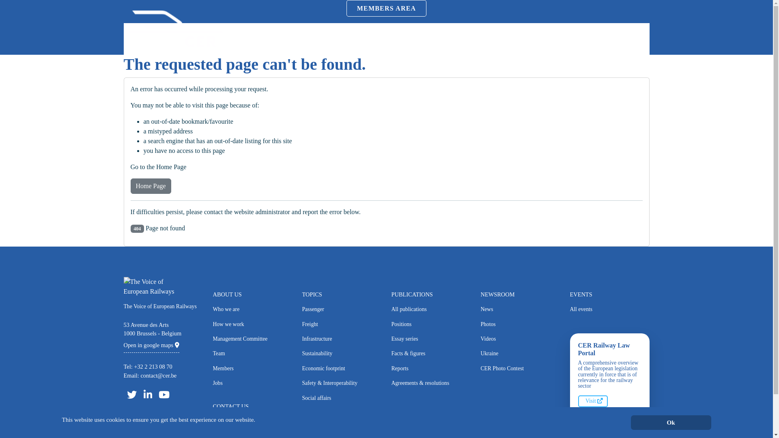  I want to click on 'Freight', so click(301, 324).